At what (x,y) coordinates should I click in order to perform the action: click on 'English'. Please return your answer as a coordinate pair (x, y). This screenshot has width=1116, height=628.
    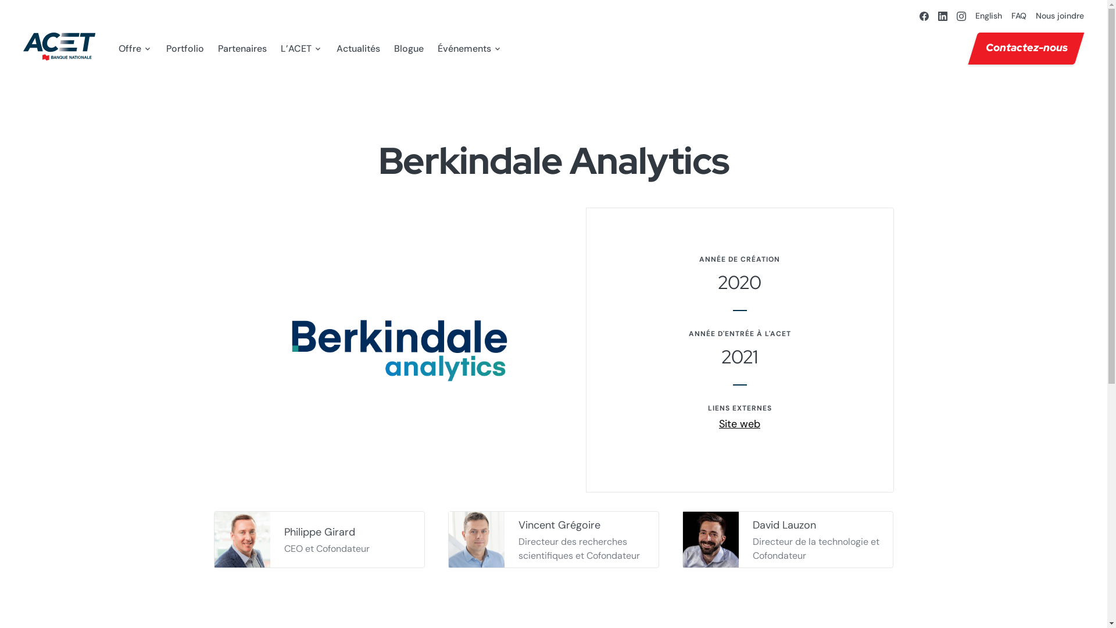
    Looking at the image, I should click on (975, 16).